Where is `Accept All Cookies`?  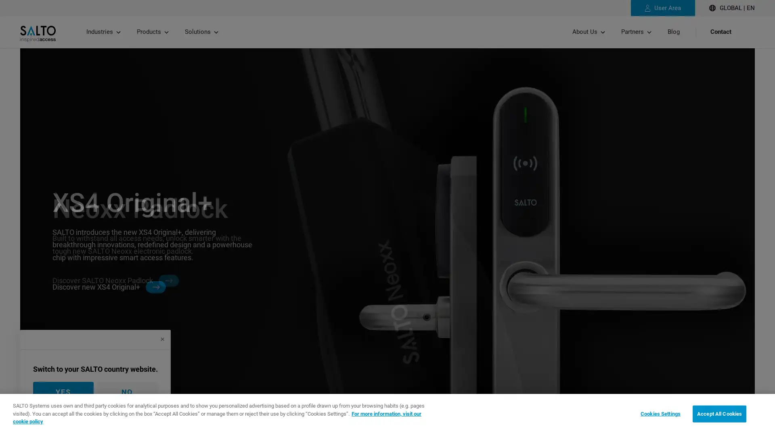
Accept All Cookies is located at coordinates (719, 413).